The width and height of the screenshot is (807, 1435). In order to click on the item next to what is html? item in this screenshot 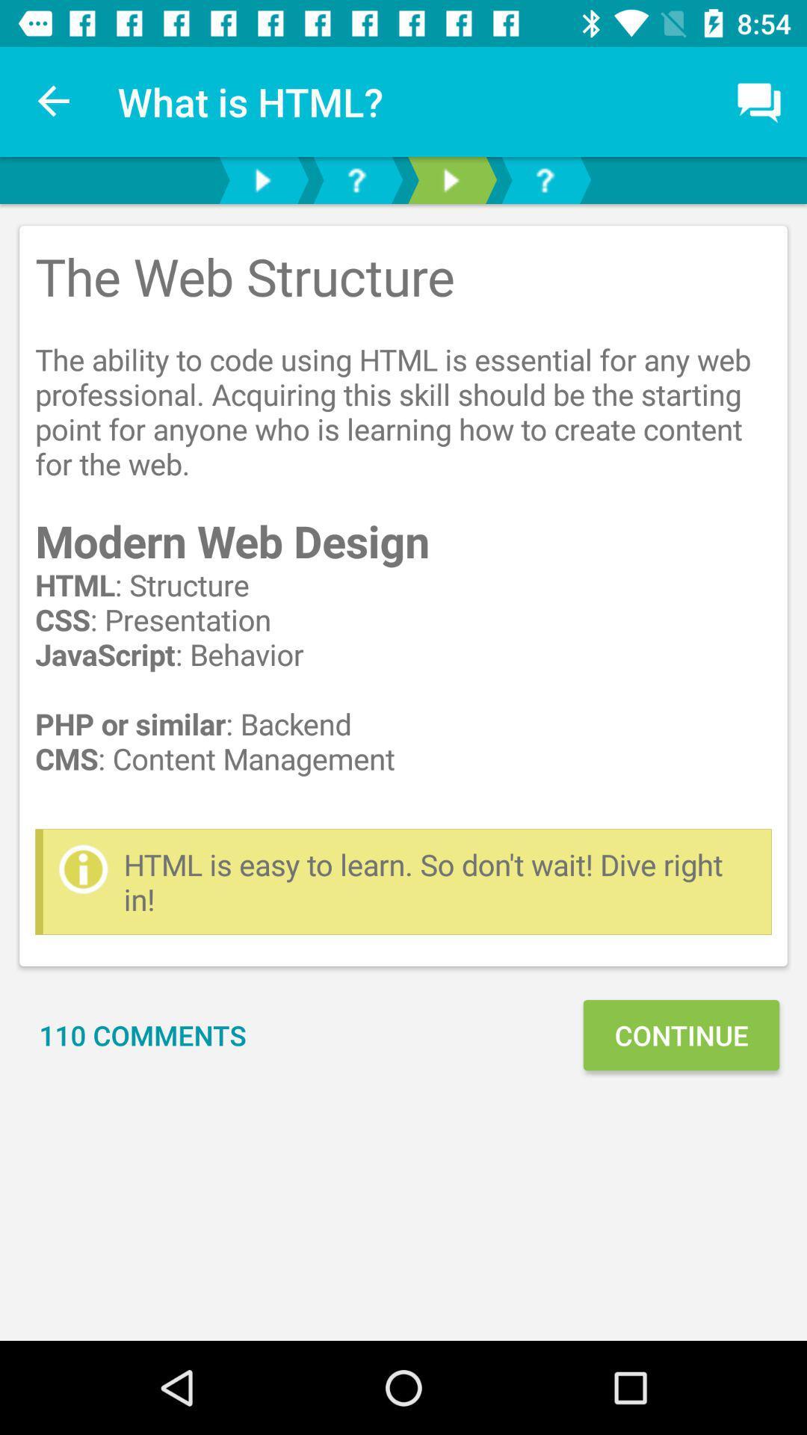, I will do `click(54, 101)`.